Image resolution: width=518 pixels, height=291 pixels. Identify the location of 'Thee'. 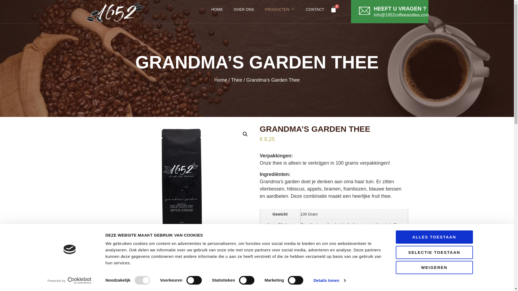
(237, 80).